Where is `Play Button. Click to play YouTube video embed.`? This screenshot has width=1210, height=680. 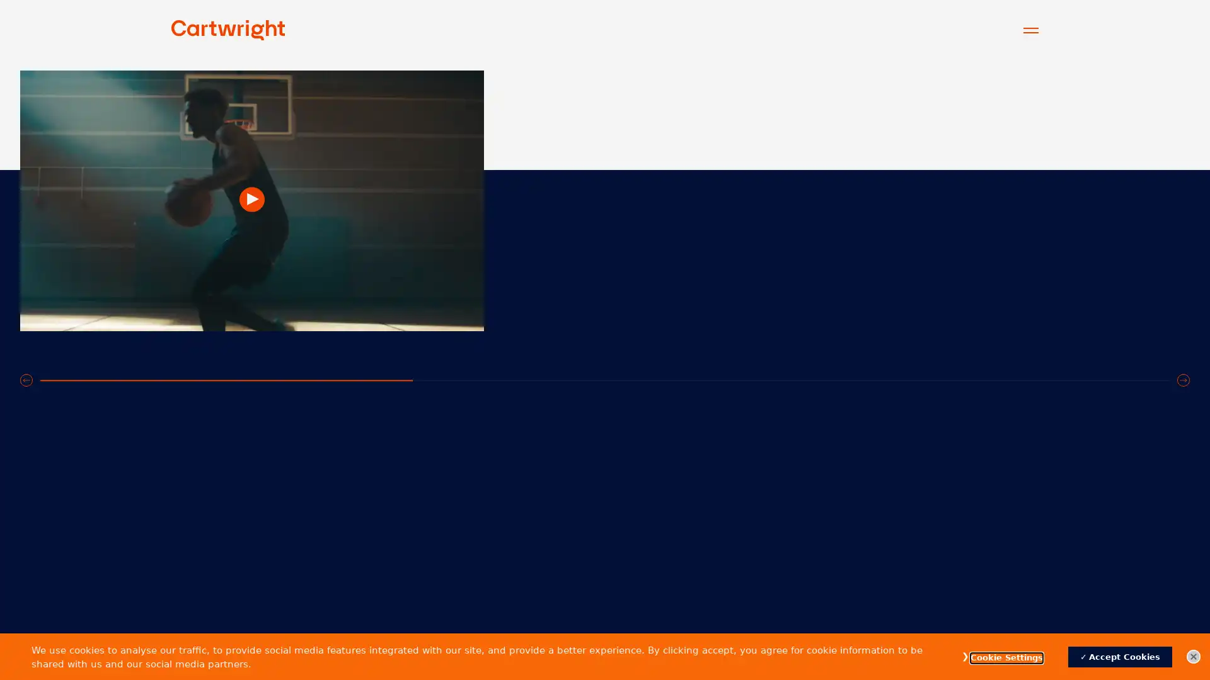 Play Button. Click to play YouTube video embed. is located at coordinates (605, 313).